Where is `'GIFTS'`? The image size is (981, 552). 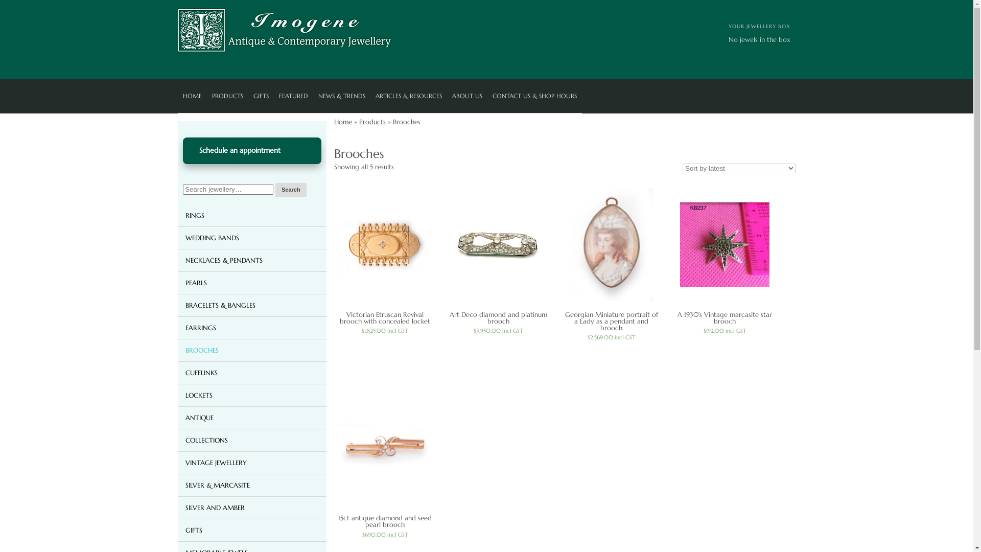
'GIFTS' is located at coordinates (248, 96).